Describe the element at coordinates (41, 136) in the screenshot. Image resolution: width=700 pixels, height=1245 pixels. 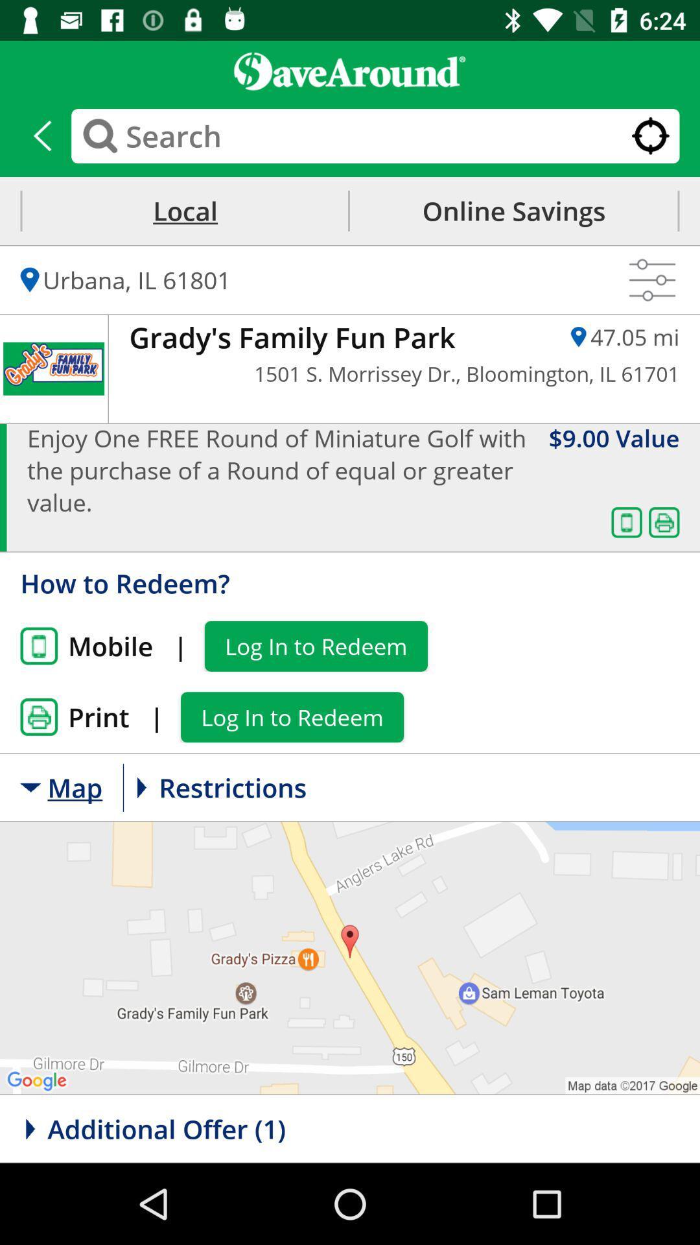
I see `the arrow_backward icon` at that location.